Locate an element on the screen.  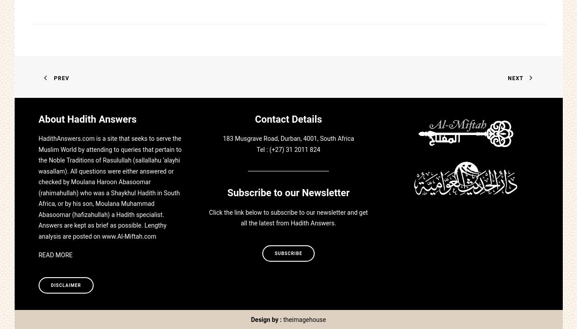
'183 Musgrave Road, Durban, 4001, South Africa' is located at coordinates (288, 139).